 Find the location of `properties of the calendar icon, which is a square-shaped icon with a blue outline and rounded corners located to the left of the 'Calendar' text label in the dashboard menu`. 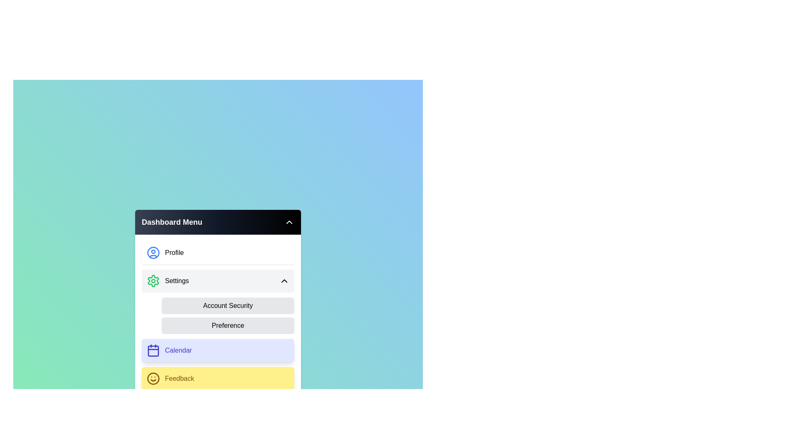

properties of the calendar icon, which is a square-shaped icon with a blue outline and rounded corners located to the left of the 'Calendar' text label in the dashboard menu is located at coordinates (153, 351).